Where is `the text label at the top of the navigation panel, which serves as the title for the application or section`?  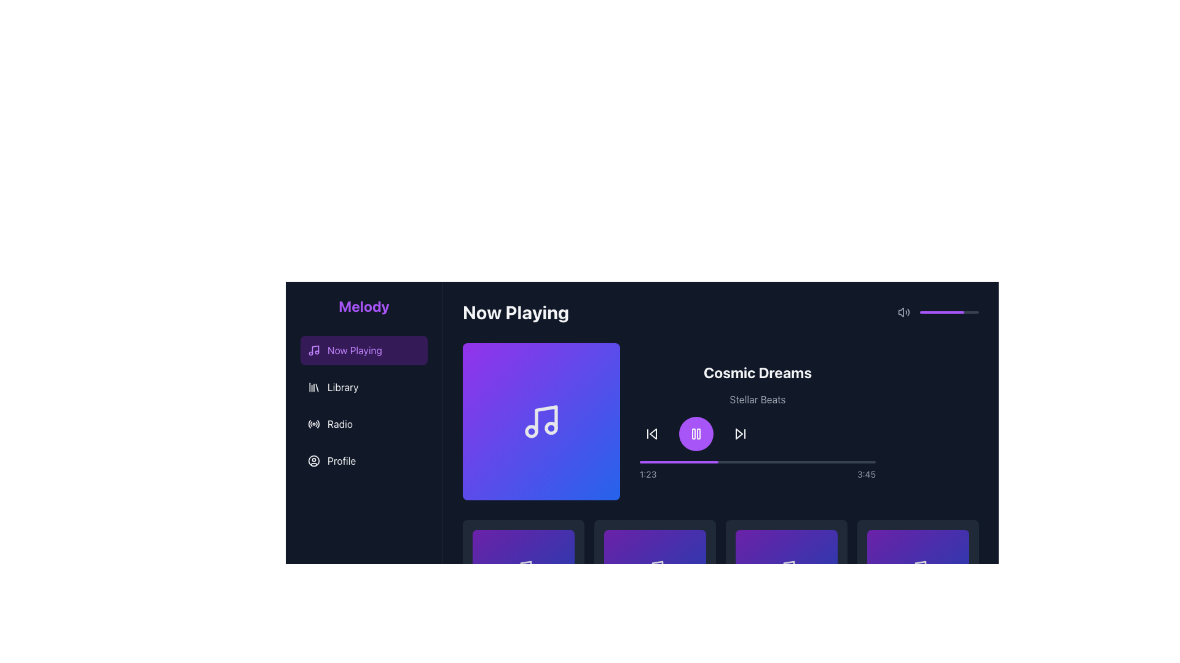 the text label at the top of the navigation panel, which serves as the title for the application or section is located at coordinates (363, 305).